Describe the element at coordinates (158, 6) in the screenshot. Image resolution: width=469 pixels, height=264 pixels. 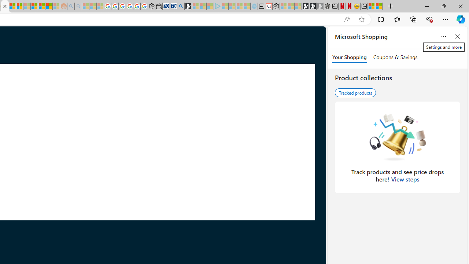
I see `'Wallet'` at that location.